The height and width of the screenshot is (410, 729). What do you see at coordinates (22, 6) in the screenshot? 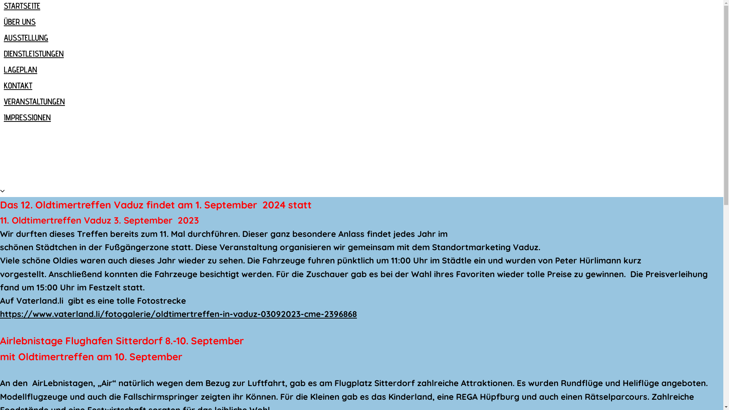
I see `'STARTSEITE'` at bounding box center [22, 6].